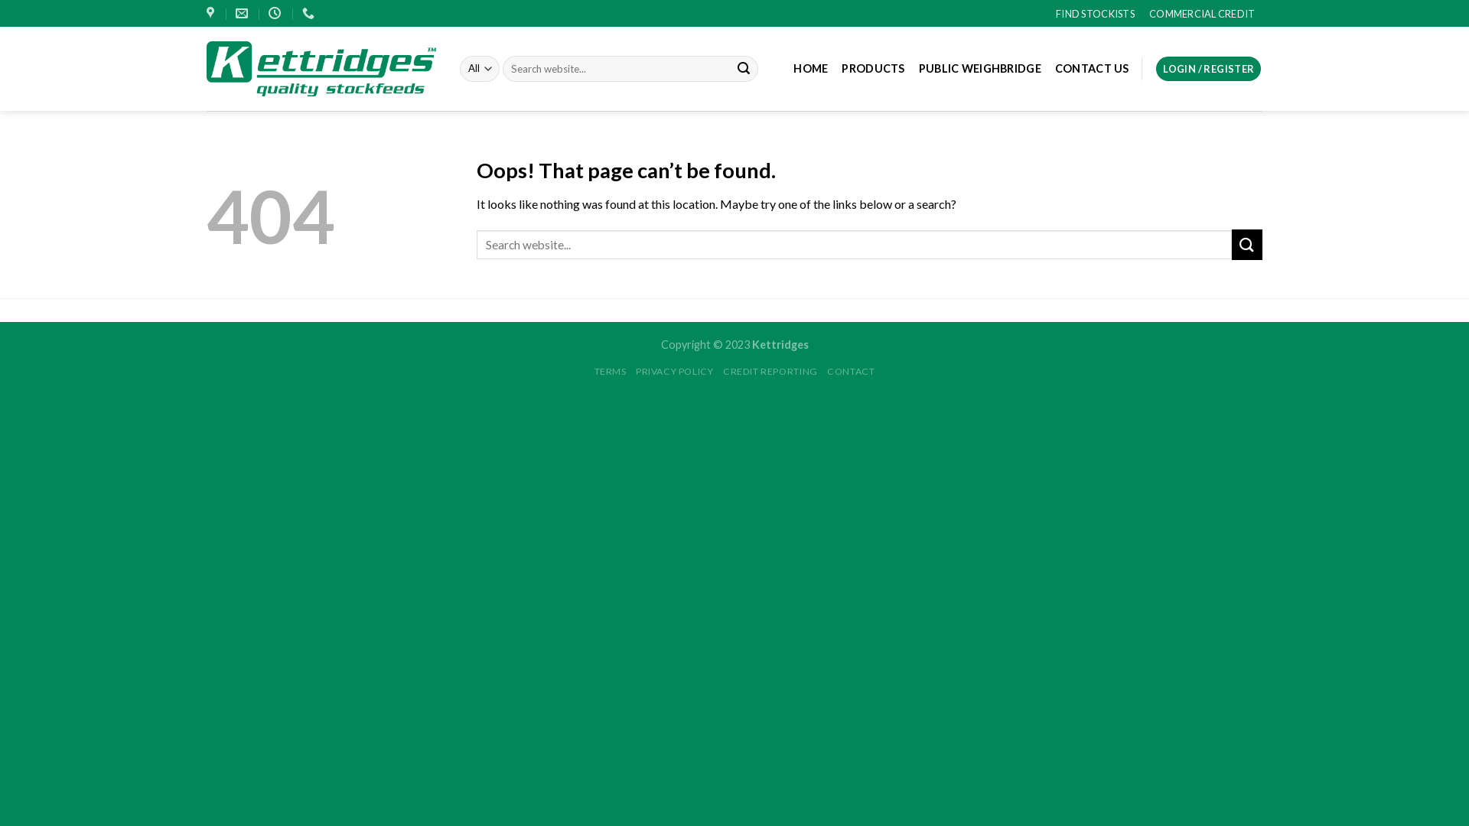 Image resolution: width=1469 pixels, height=826 pixels. I want to click on 'PRODUCTS', so click(873, 67).